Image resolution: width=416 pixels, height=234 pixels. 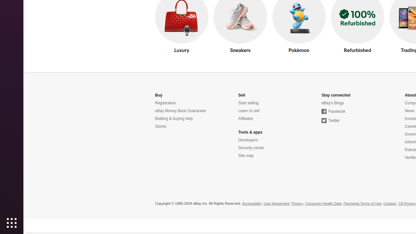 What do you see at coordinates (331, 121) in the screenshot?
I see `'Twitter'` at bounding box center [331, 121].